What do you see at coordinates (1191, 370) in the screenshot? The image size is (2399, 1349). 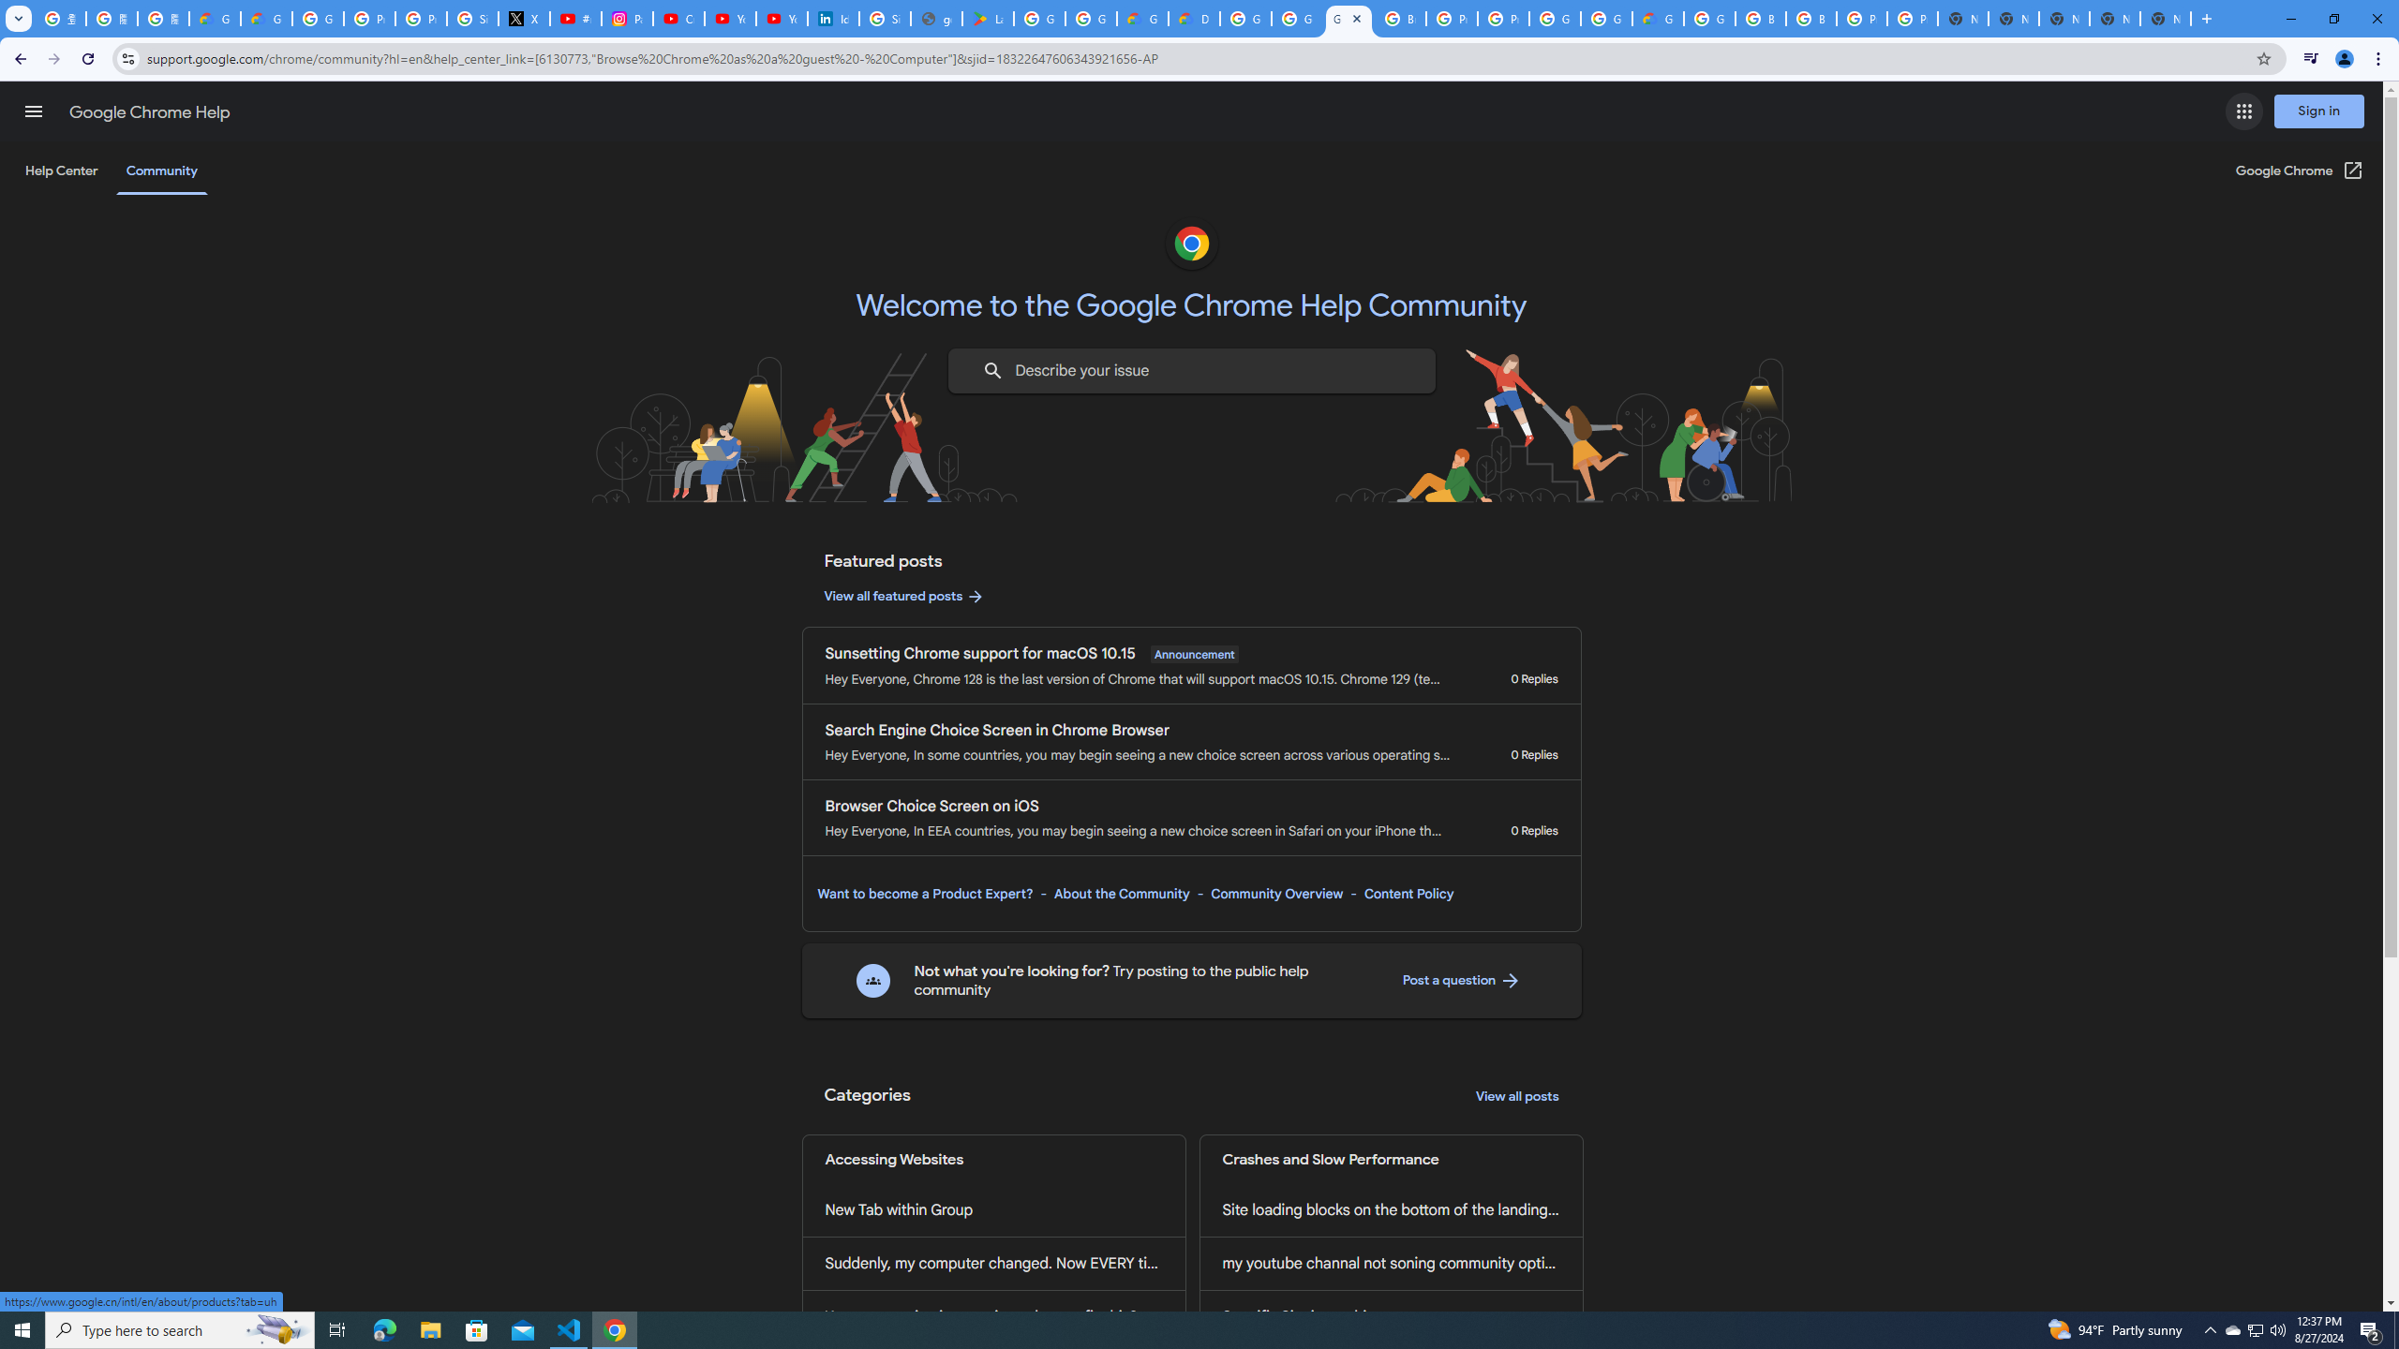 I see `'Describe your issue to find information that might help you.'` at bounding box center [1191, 370].